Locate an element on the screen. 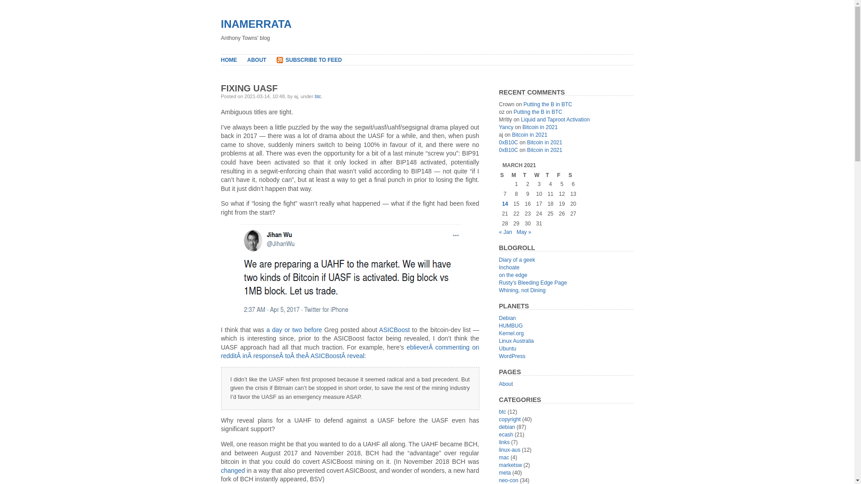 The width and height of the screenshot is (861, 484). 'debian' is located at coordinates (506, 426).